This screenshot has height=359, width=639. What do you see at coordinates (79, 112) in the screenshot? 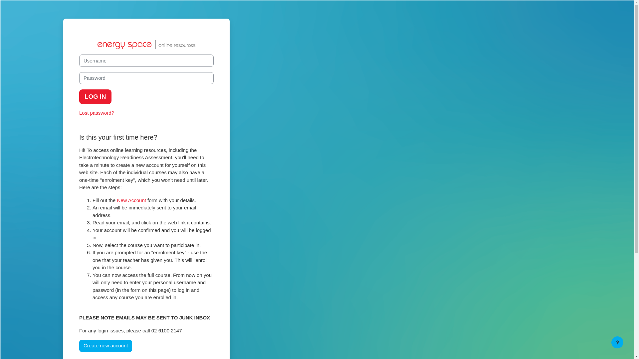
I see `'Lost password?'` at bounding box center [79, 112].